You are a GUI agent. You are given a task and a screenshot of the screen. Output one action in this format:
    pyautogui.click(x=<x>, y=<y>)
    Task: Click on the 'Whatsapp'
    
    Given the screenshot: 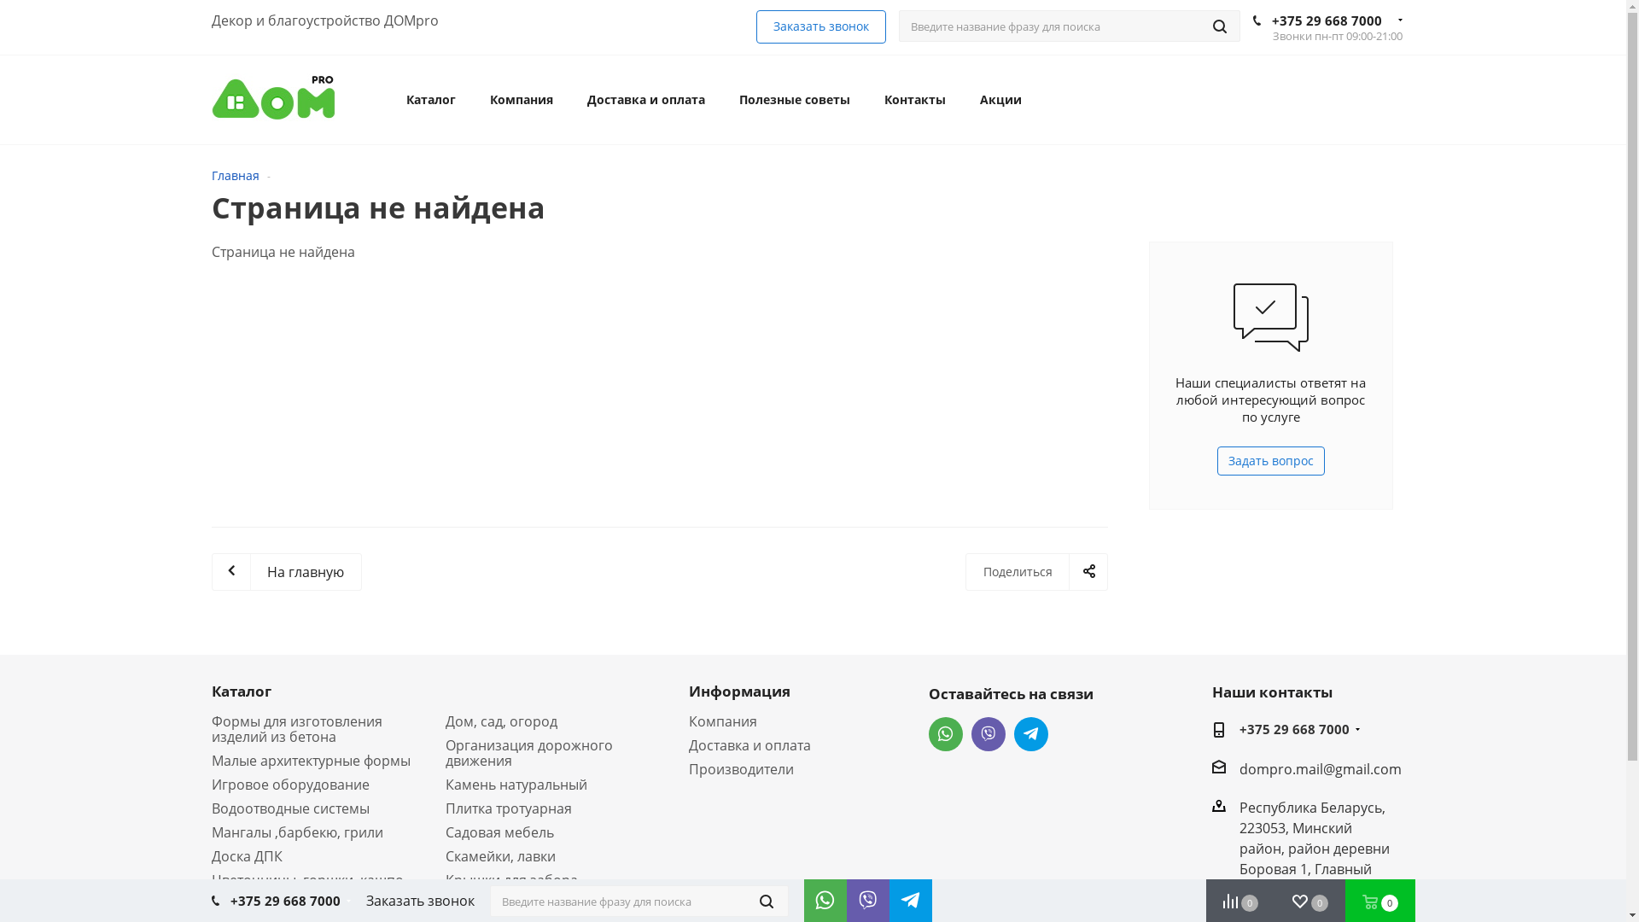 What is the action you would take?
    pyautogui.click(x=945, y=733)
    